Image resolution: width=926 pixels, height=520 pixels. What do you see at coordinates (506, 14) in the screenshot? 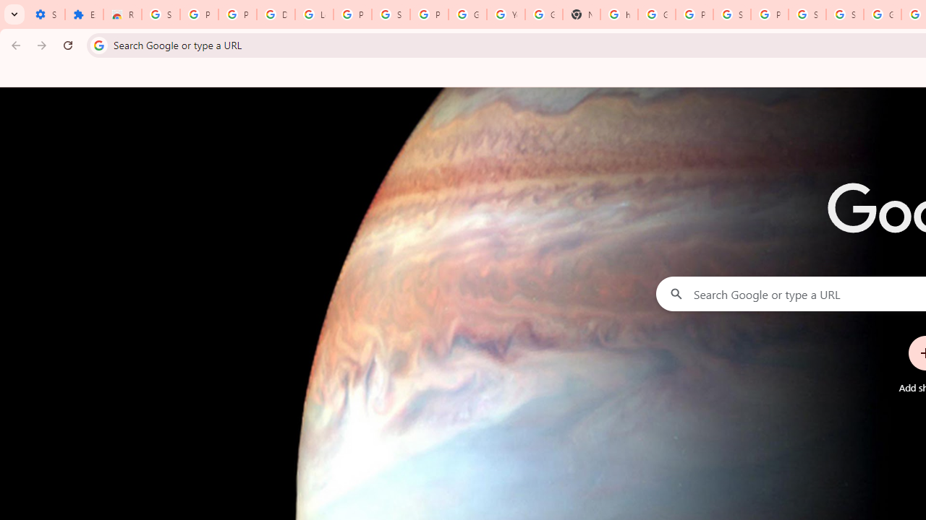
I see `'YouTube'` at bounding box center [506, 14].